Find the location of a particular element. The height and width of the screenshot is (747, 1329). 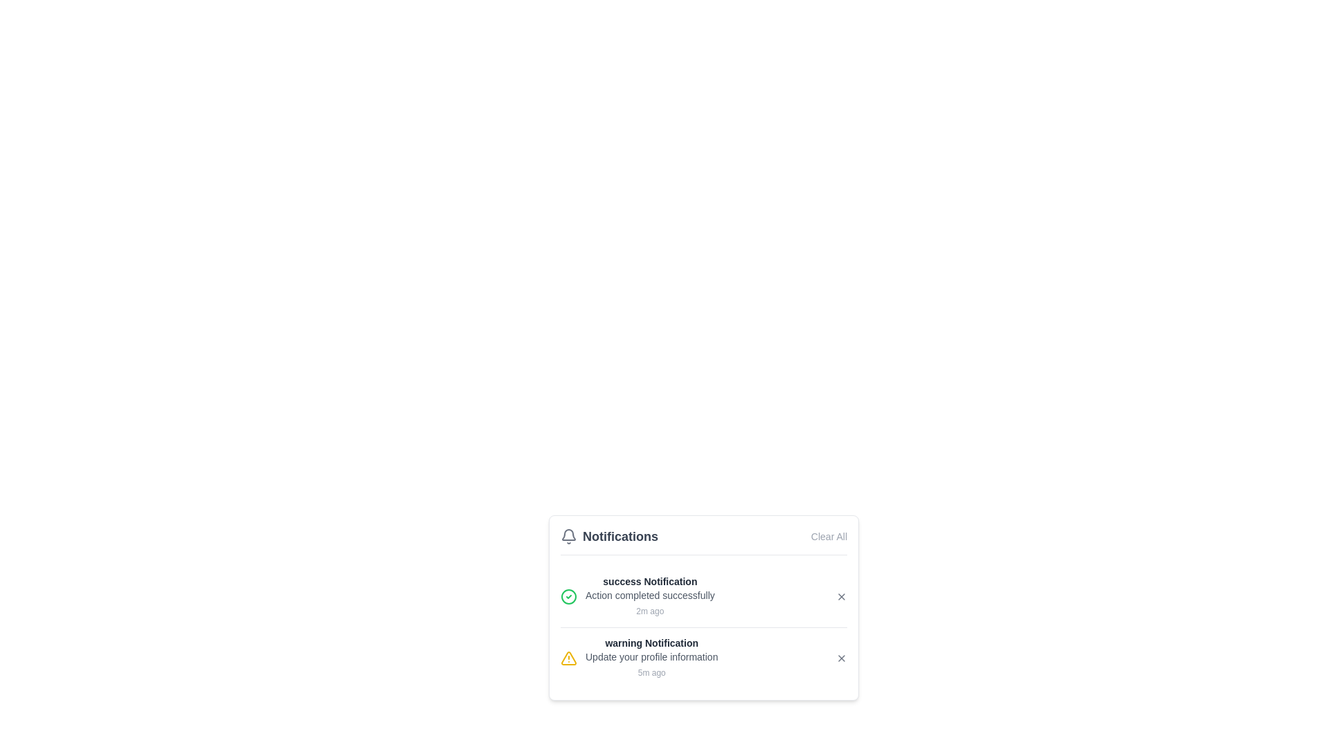

the green-bordered circular graphical ornament within the success Notification icon is located at coordinates (568, 596).